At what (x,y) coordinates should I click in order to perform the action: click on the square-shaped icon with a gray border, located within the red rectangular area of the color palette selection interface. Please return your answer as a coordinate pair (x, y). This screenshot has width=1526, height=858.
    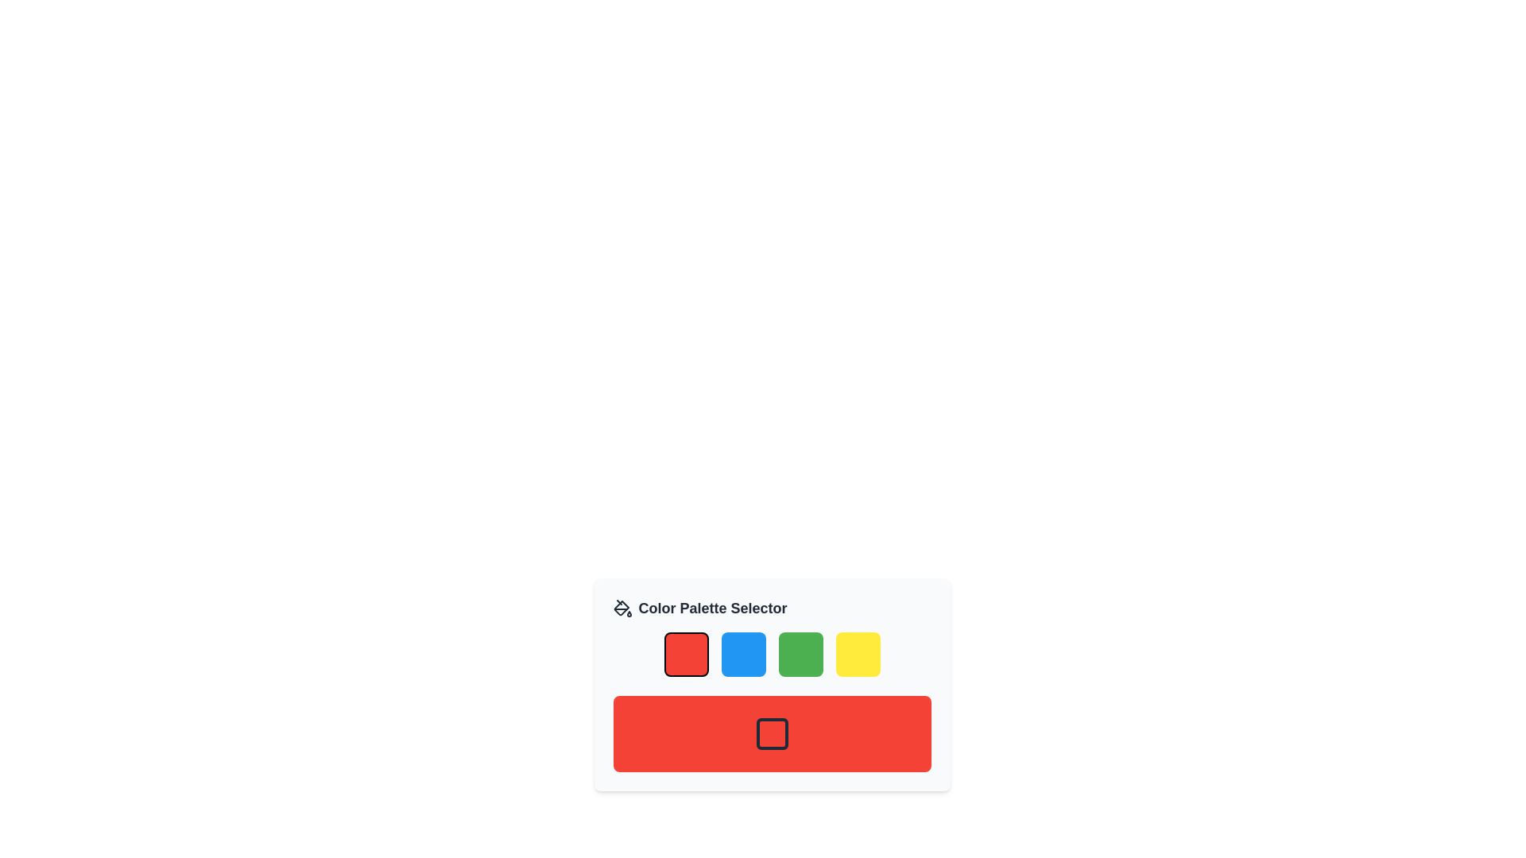
    Looking at the image, I should click on (772, 734).